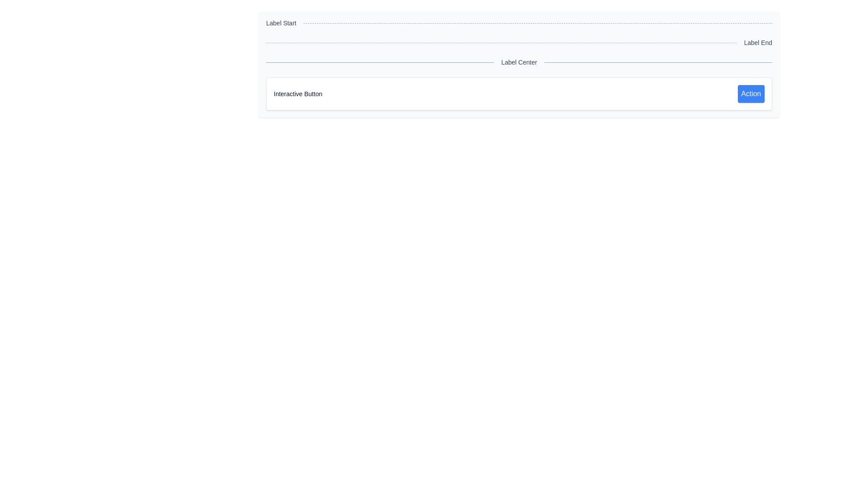  I want to click on the text label displaying 'Label Start' which is styled in a small font, medium weight, and gray color, located at the upper-left section of the interface, so click(280, 22).